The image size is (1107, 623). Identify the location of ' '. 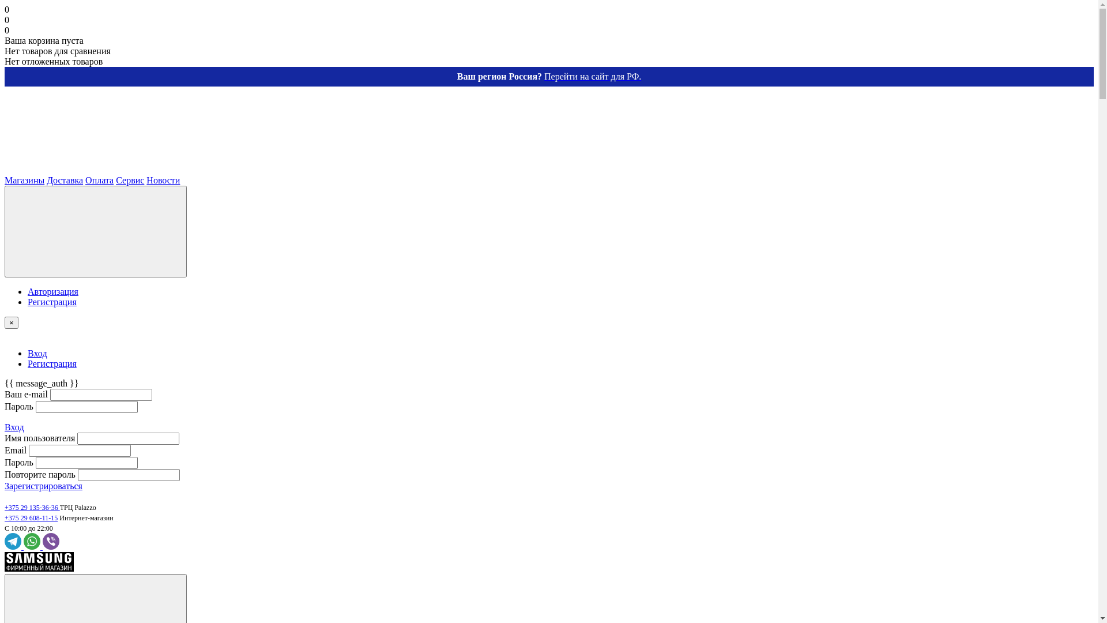
(91, 170).